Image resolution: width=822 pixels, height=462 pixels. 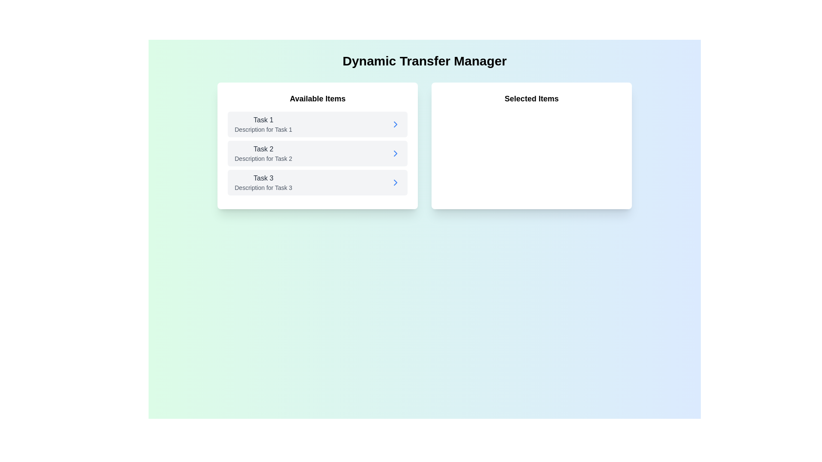 I want to click on the Label element displaying 'Task 1' and 'Description for Task 1' in the 'Available Items' section of the interface, so click(x=263, y=124).